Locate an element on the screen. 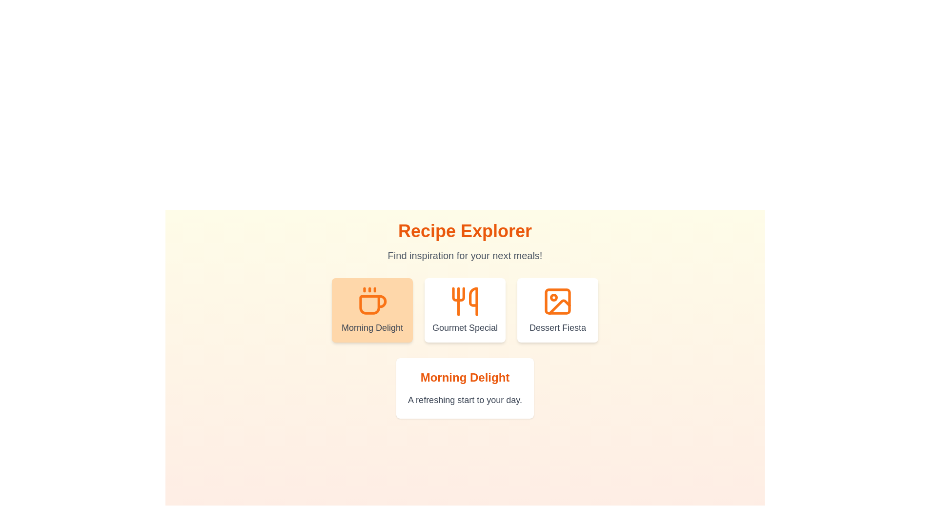 The image size is (937, 527). the text label displaying 'Morning Delight', which is located at the bottom section of the leftmost card is located at coordinates (372, 327).